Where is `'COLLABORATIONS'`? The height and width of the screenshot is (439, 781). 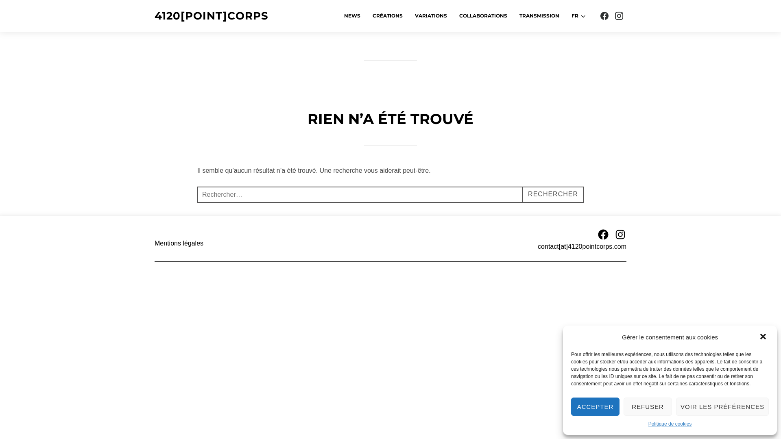 'COLLABORATIONS' is located at coordinates (483, 16).